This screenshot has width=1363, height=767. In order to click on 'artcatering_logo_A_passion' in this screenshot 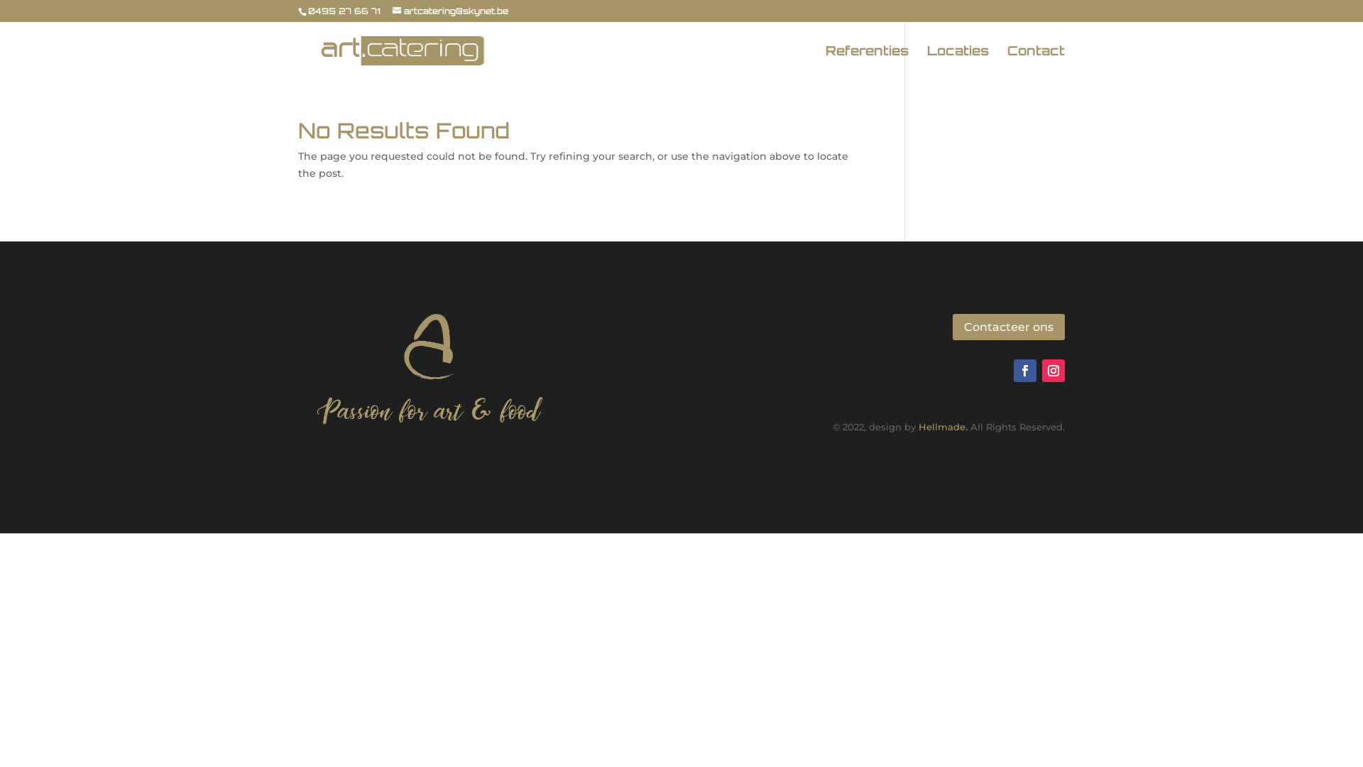, I will do `click(429, 366)`.